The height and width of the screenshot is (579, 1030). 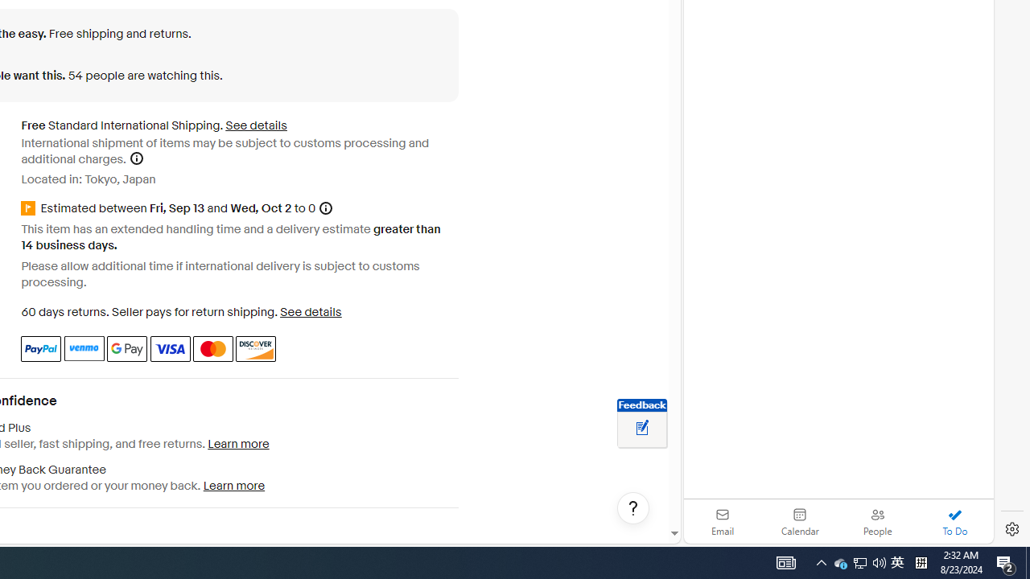 What do you see at coordinates (800, 521) in the screenshot?
I see `'Calendar. Date today is 22'` at bounding box center [800, 521].